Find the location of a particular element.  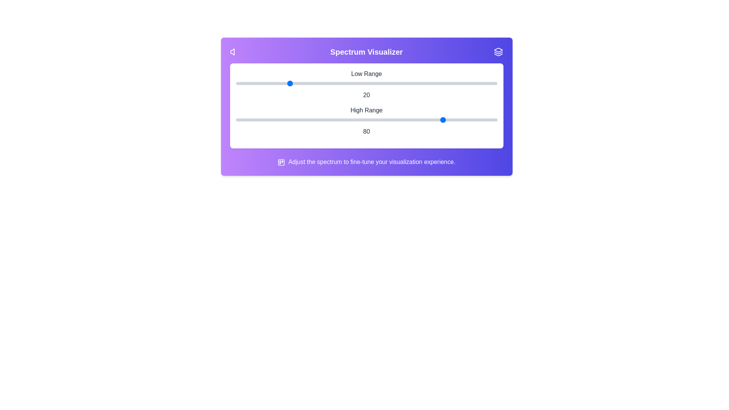

the high range slider to 36 is located at coordinates (330, 120).